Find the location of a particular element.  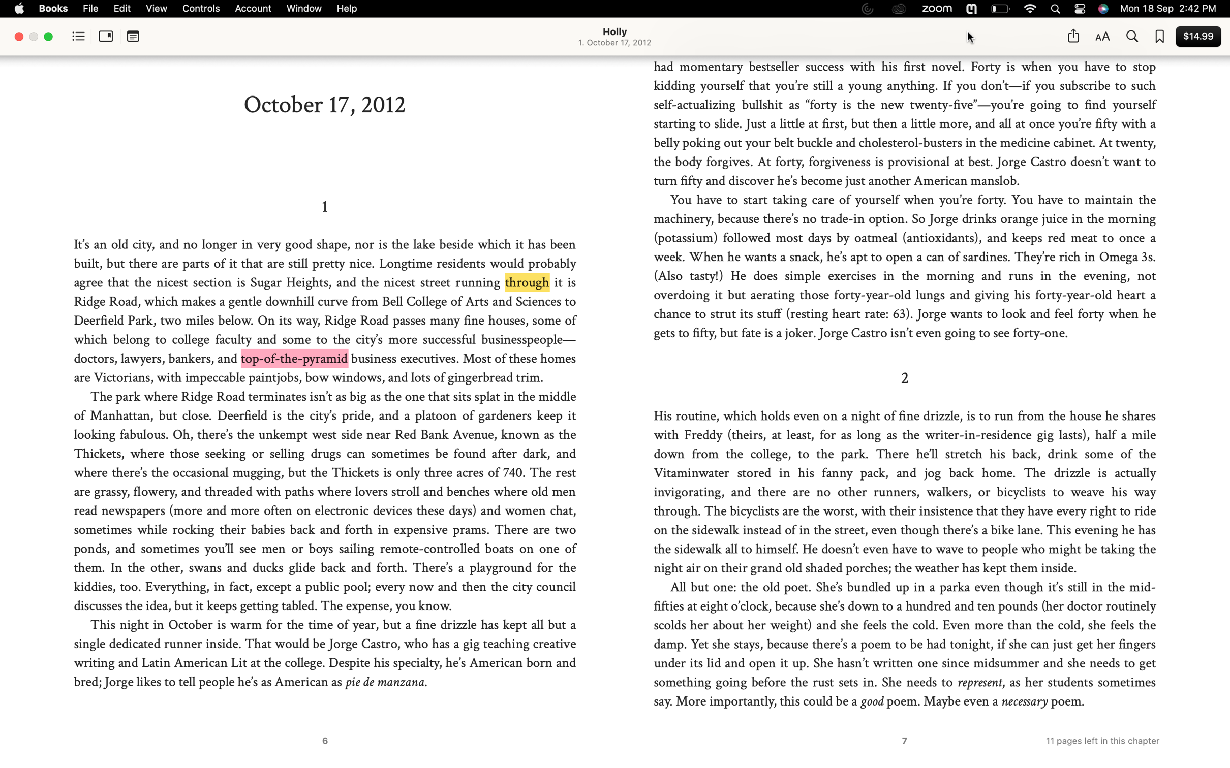

Distribute this page on Twitter using the share button is located at coordinates (1072, 36).